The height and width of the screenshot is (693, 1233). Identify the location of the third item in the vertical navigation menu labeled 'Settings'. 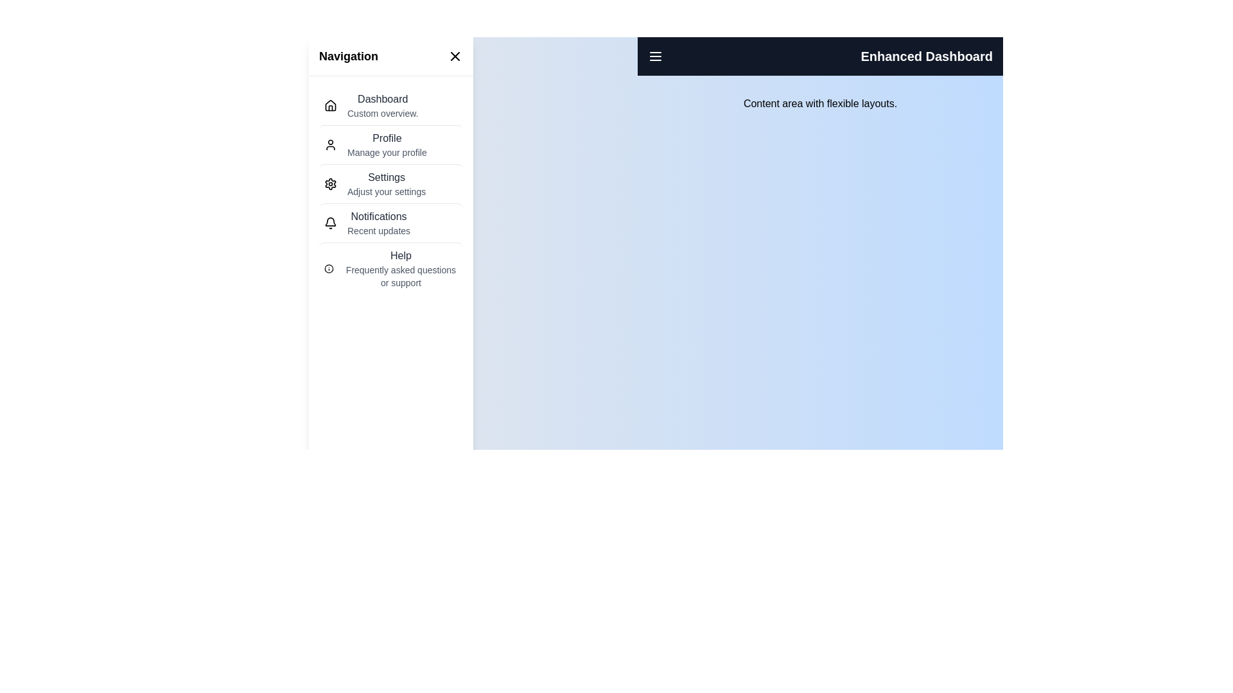
(390, 183).